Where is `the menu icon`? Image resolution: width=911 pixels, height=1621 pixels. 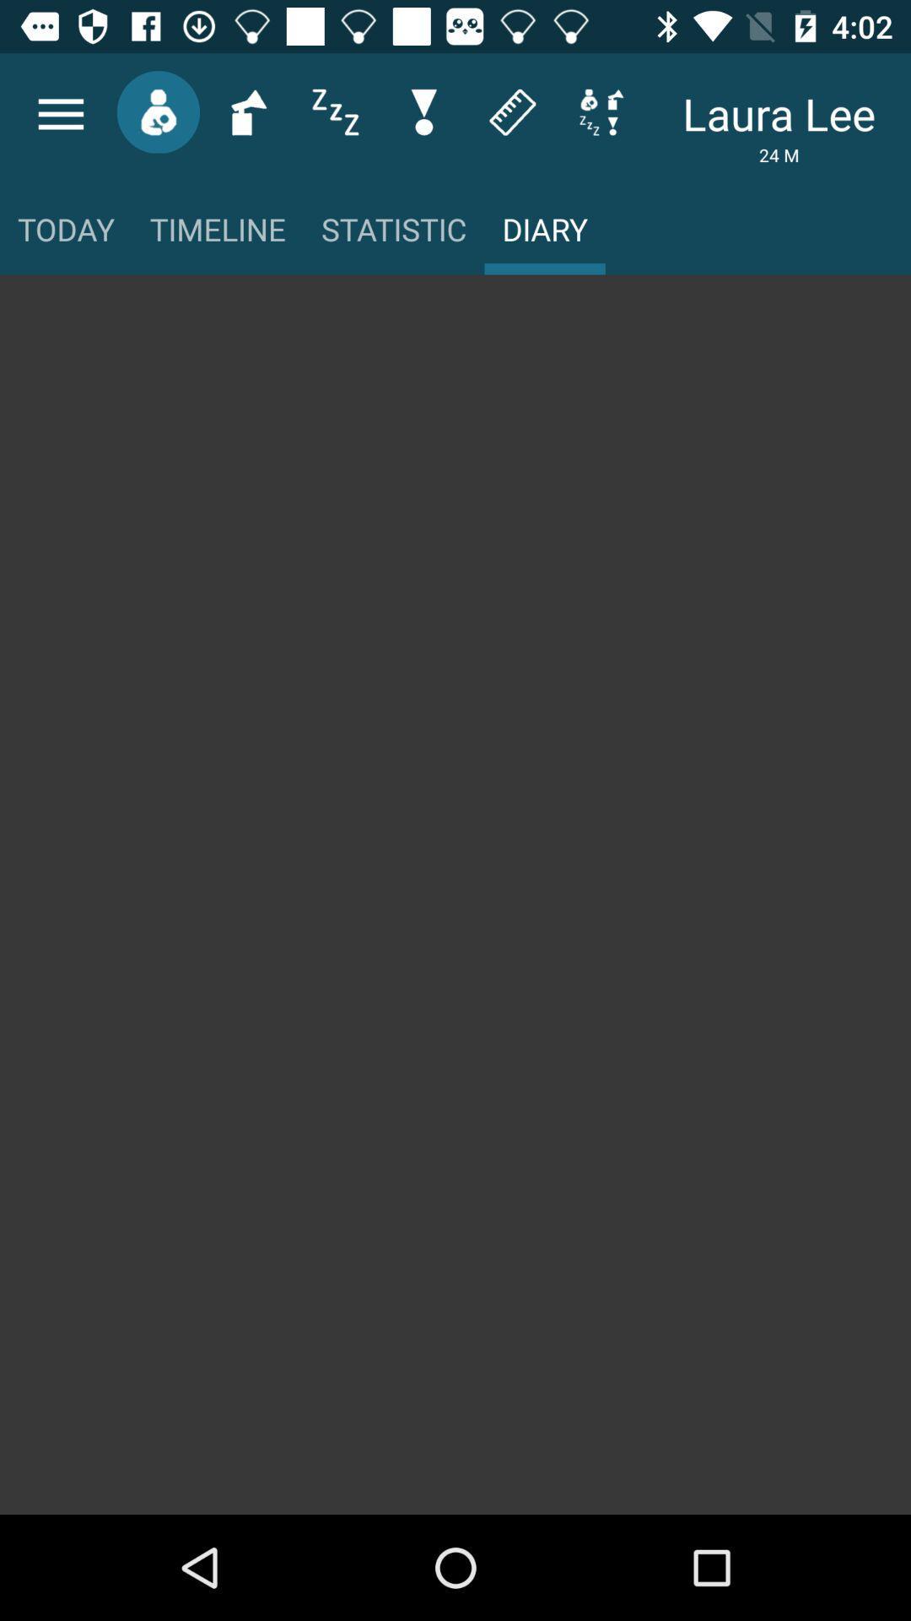 the menu icon is located at coordinates (60, 113).